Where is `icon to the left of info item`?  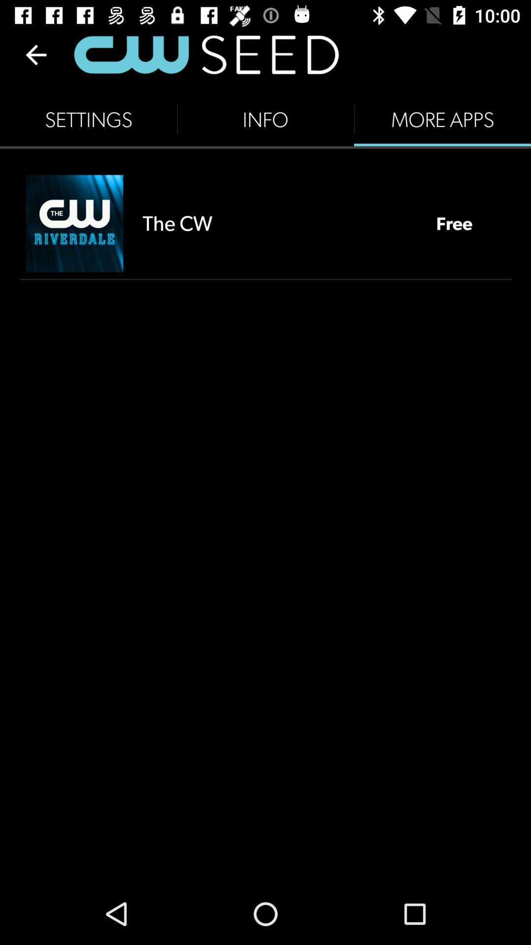
icon to the left of info item is located at coordinates (88, 119).